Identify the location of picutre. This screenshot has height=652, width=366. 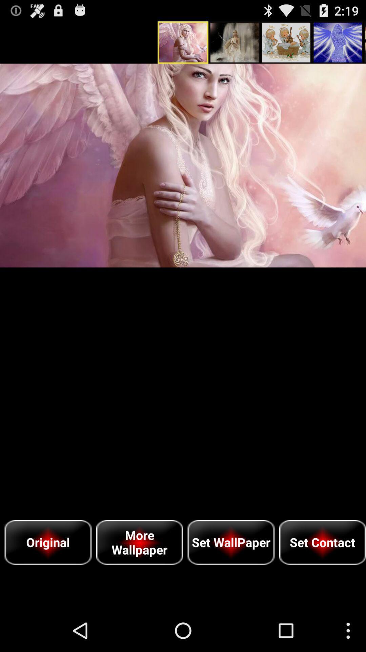
(183, 165).